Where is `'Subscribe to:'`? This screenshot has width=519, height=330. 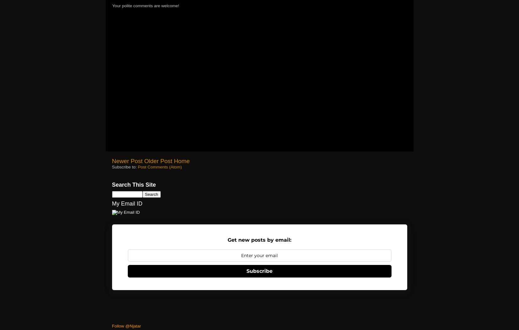
'Subscribe to:' is located at coordinates (124, 167).